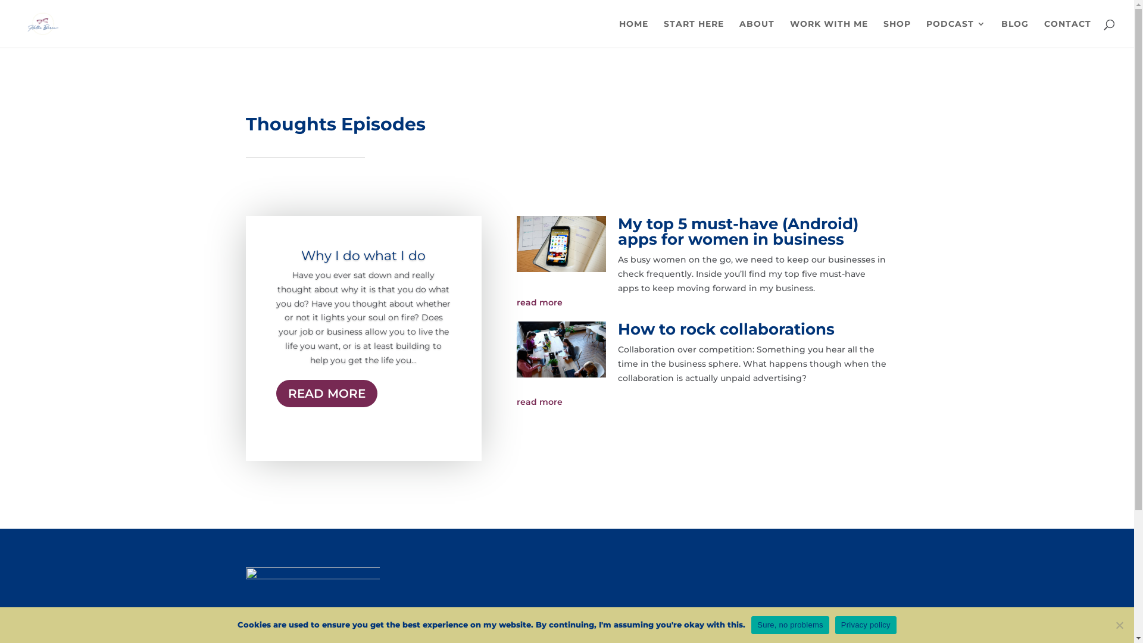 This screenshot has width=1143, height=643. Describe the element at coordinates (694, 33) in the screenshot. I see `'START HERE'` at that location.